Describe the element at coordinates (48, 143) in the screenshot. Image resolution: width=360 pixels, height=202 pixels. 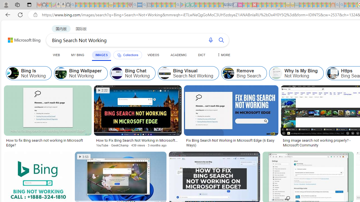
I see `'How to fix Bing search not working in Microsoft Edge?'` at that location.